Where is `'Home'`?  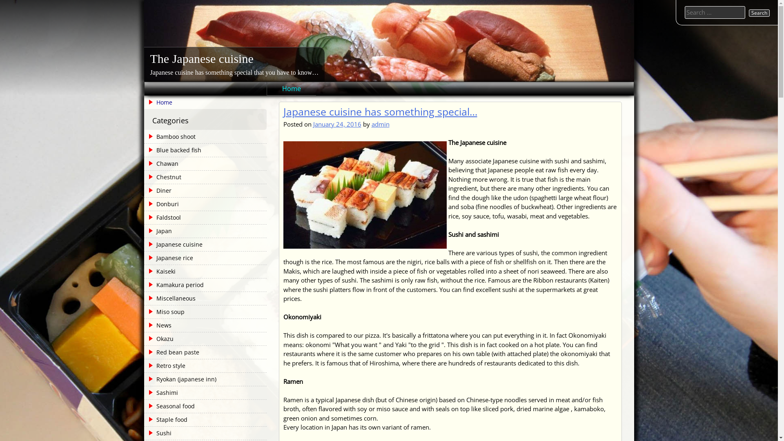
'Home' is located at coordinates (292, 88).